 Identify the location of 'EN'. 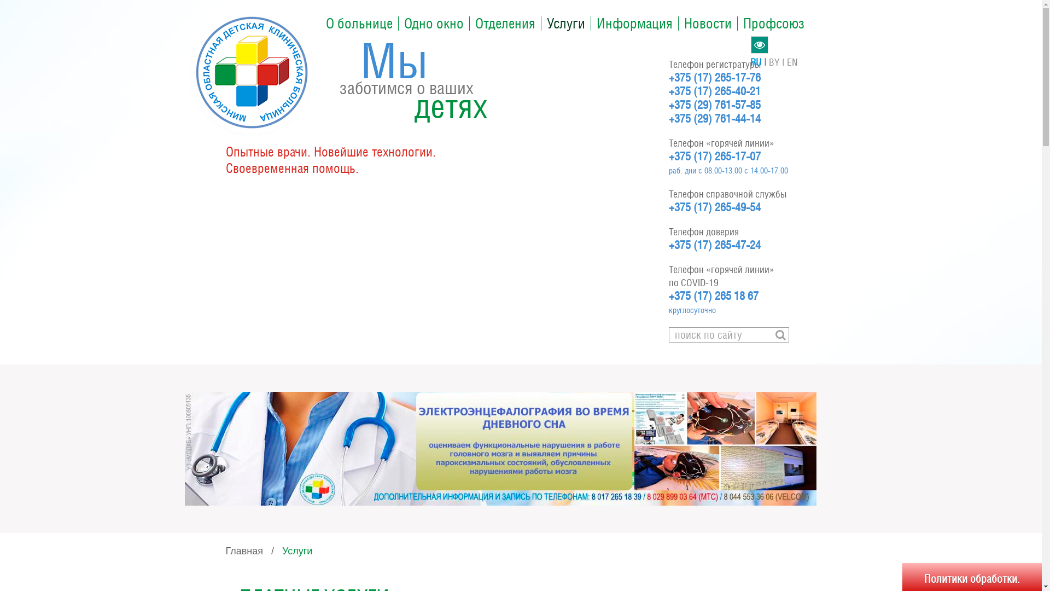
(792, 62).